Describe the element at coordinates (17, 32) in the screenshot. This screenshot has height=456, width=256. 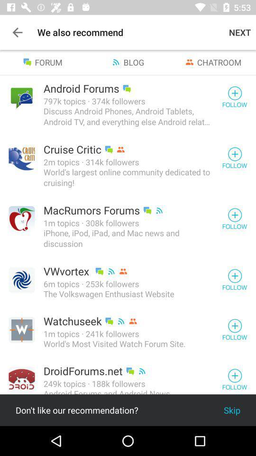
I see `app next to the we also recommend icon` at that location.